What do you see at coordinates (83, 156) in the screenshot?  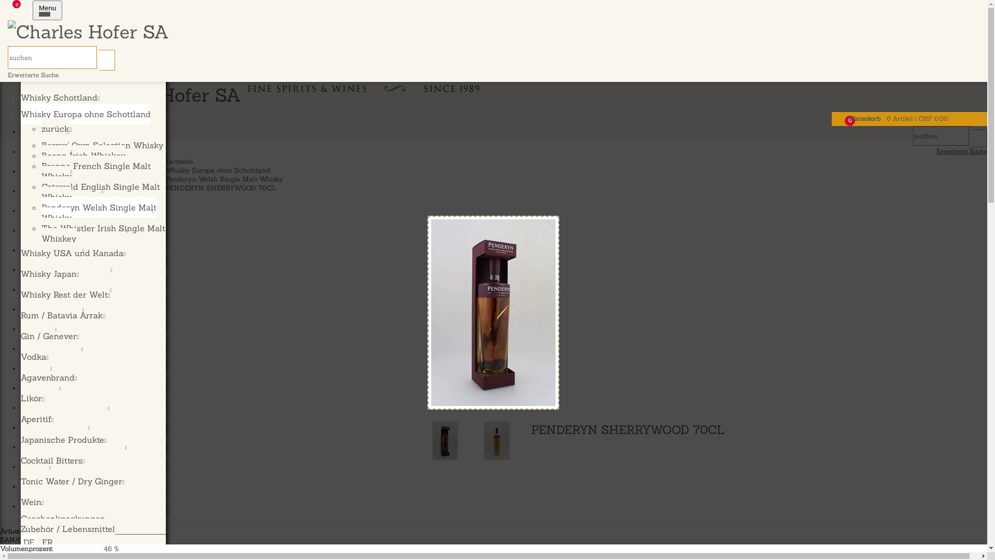 I see `'Boann Irish Whiskey'` at bounding box center [83, 156].